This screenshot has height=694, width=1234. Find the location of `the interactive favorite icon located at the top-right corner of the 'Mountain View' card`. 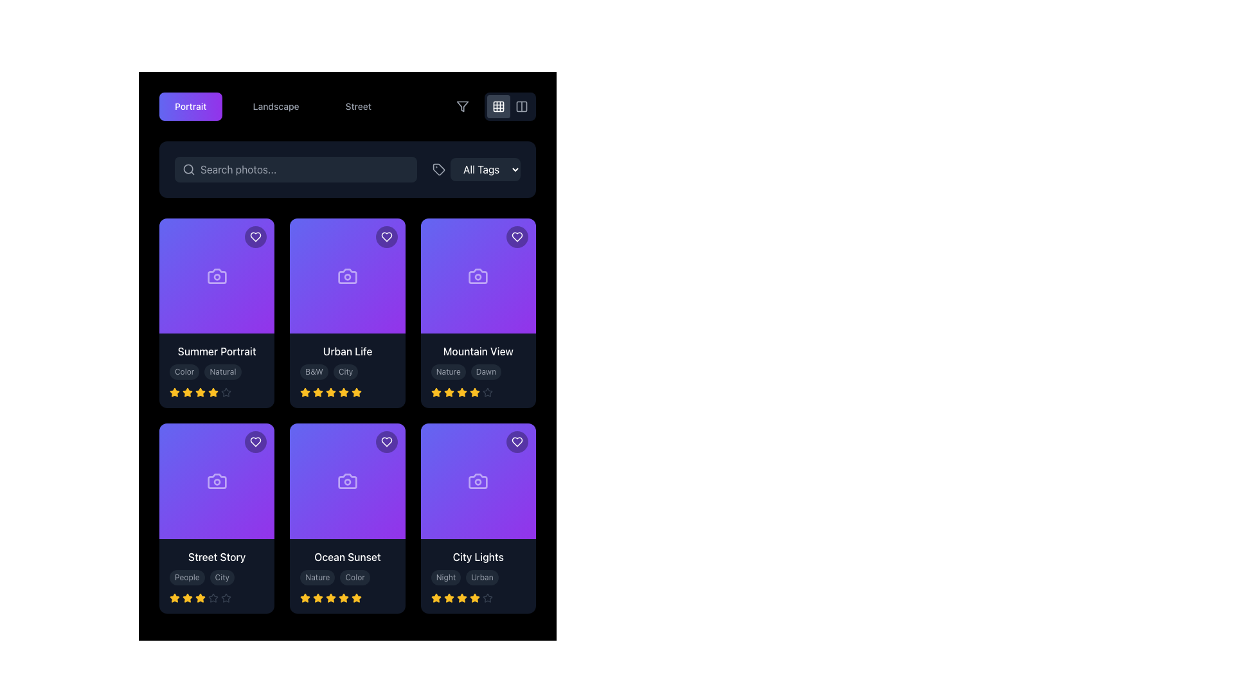

the interactive favorite icon located at the top-right corner of the 'Mountain View' card is located at coordinates (517, 237).